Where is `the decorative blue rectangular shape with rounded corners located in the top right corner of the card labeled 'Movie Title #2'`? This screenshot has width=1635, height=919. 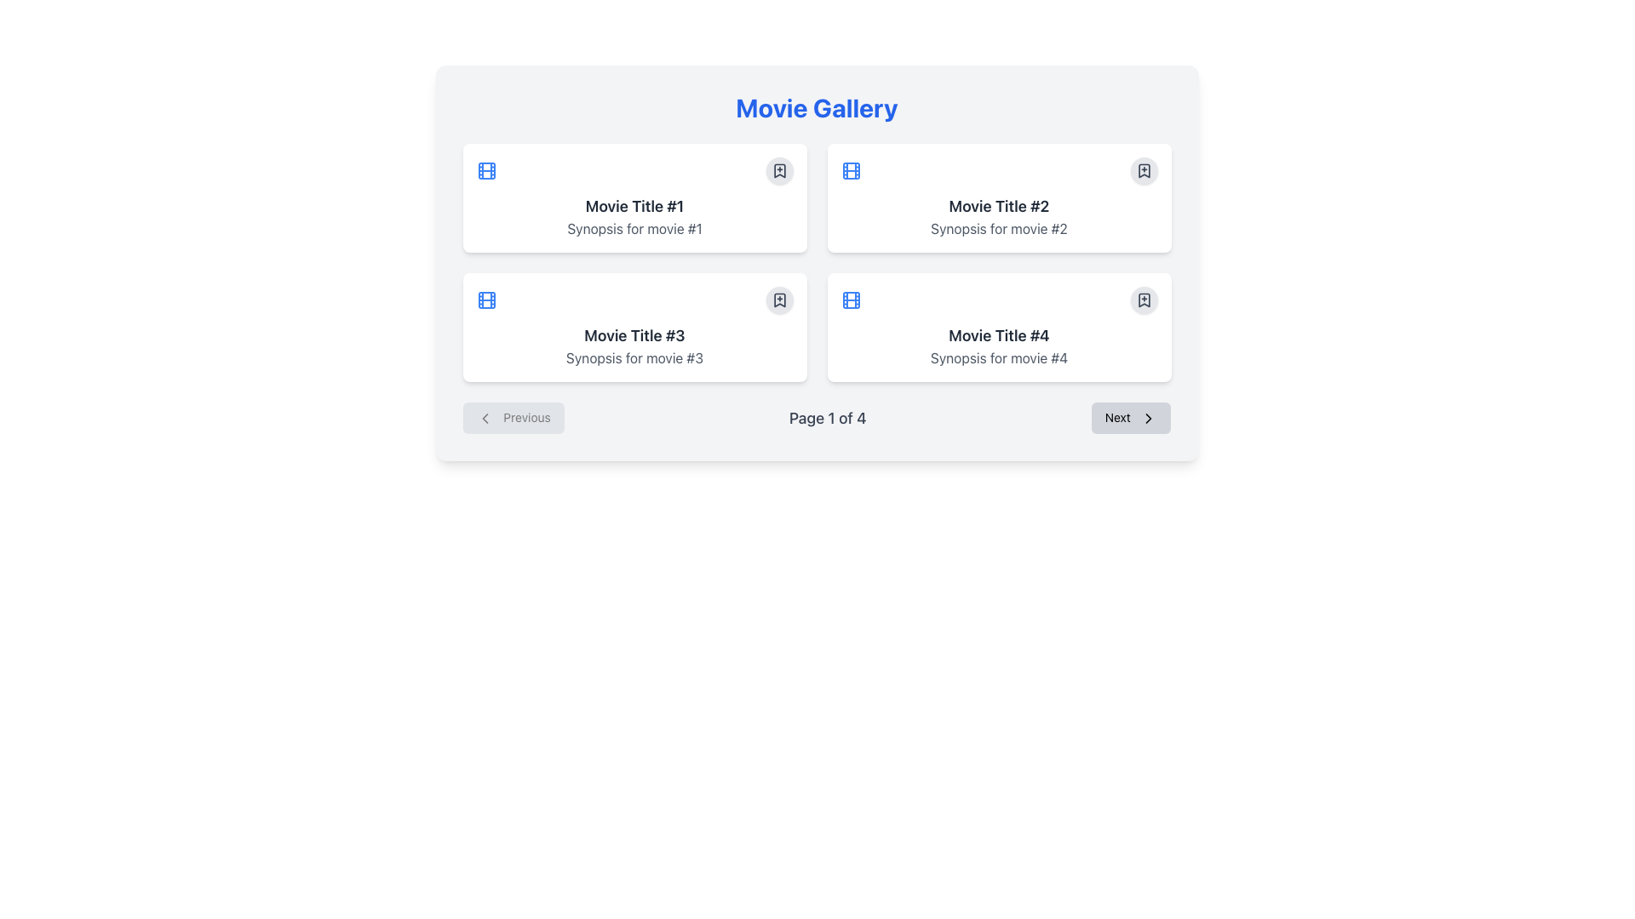 the decorative blue rectangular shape with rounded corners located in the top right corner of the card labeled 'Movie Title #2' is located at coordinates (851, 170).